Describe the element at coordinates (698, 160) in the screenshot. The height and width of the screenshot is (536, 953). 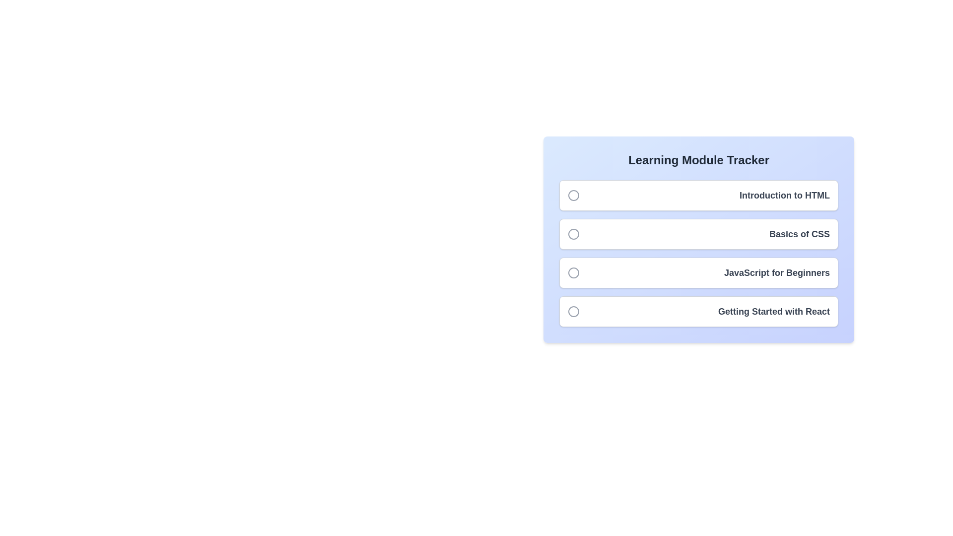
I see `the static text heading that serves as a title for the learning modules tracker, positioned at the top of the module list` at that location.